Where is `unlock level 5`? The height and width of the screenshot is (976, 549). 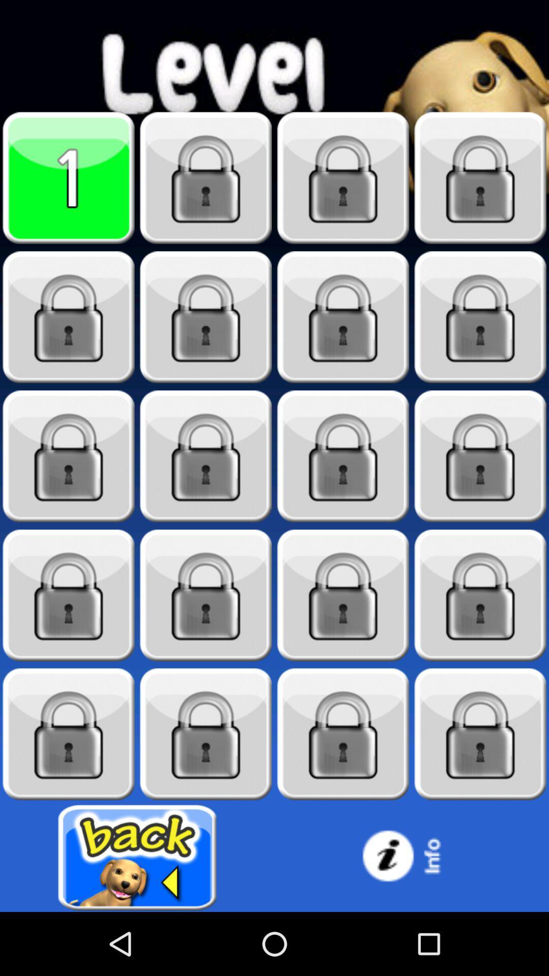
unlock level 5 is located at coordinates (69, 317).